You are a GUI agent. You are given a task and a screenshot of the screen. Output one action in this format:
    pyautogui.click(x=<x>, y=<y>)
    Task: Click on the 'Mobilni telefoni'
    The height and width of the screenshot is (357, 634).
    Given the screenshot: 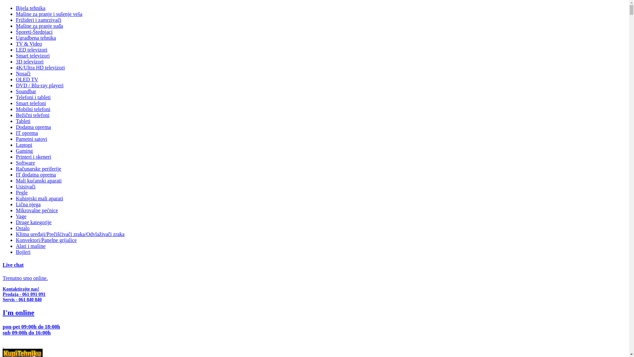 What is the action you would take?
    pyautogui.click(x=33, y=109)
    